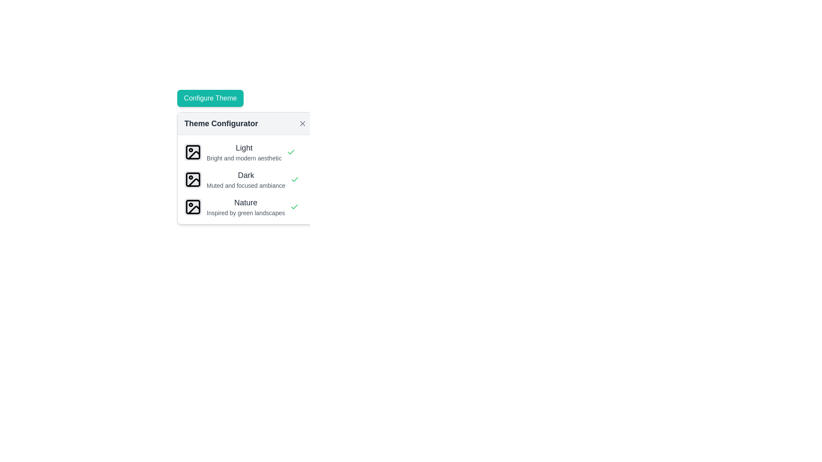 This screenshot has width=822, height=462. What do you see at coordinates (194, 182) in the screenshot?
I see `the 'Dark' theme icon located in the theme configurator section, specifically within the second option labeled 'Dark'` at bounding box center [194, 182].